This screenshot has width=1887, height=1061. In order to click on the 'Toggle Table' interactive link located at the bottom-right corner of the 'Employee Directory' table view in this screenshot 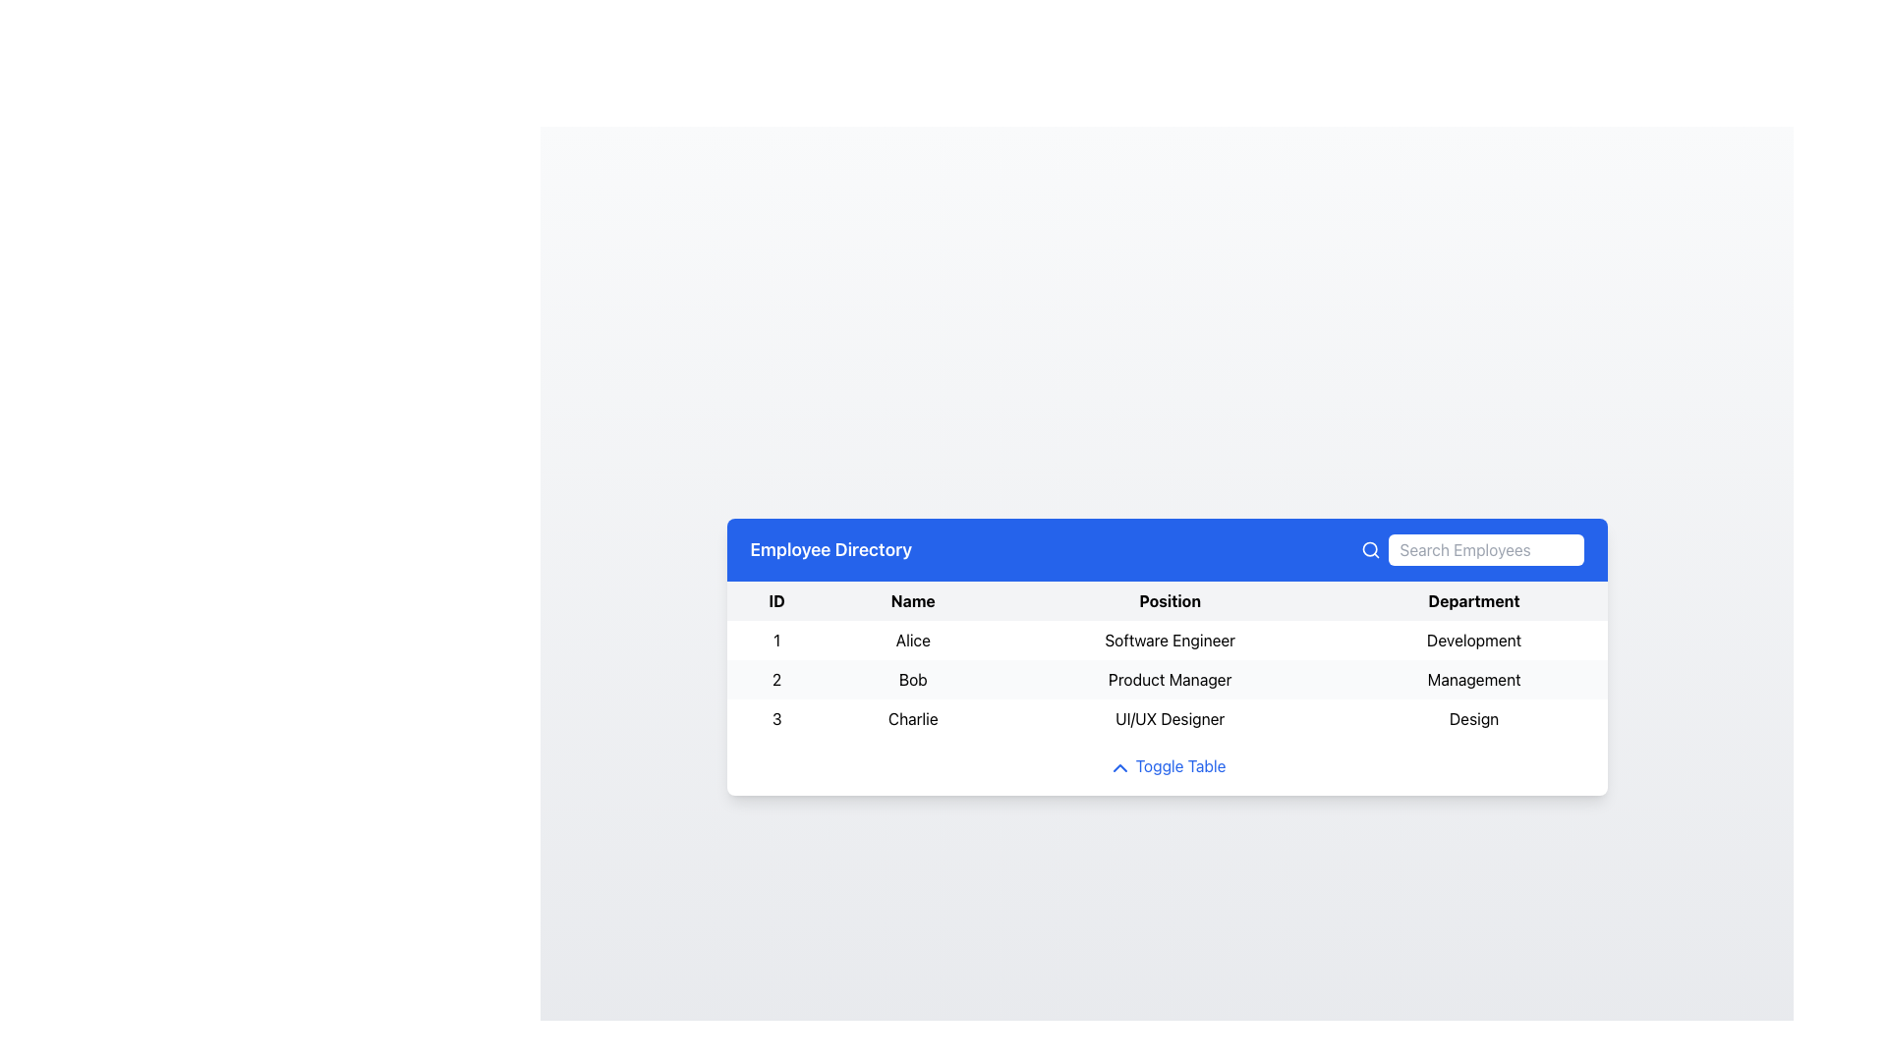, I will do `click(1167, 765)`.